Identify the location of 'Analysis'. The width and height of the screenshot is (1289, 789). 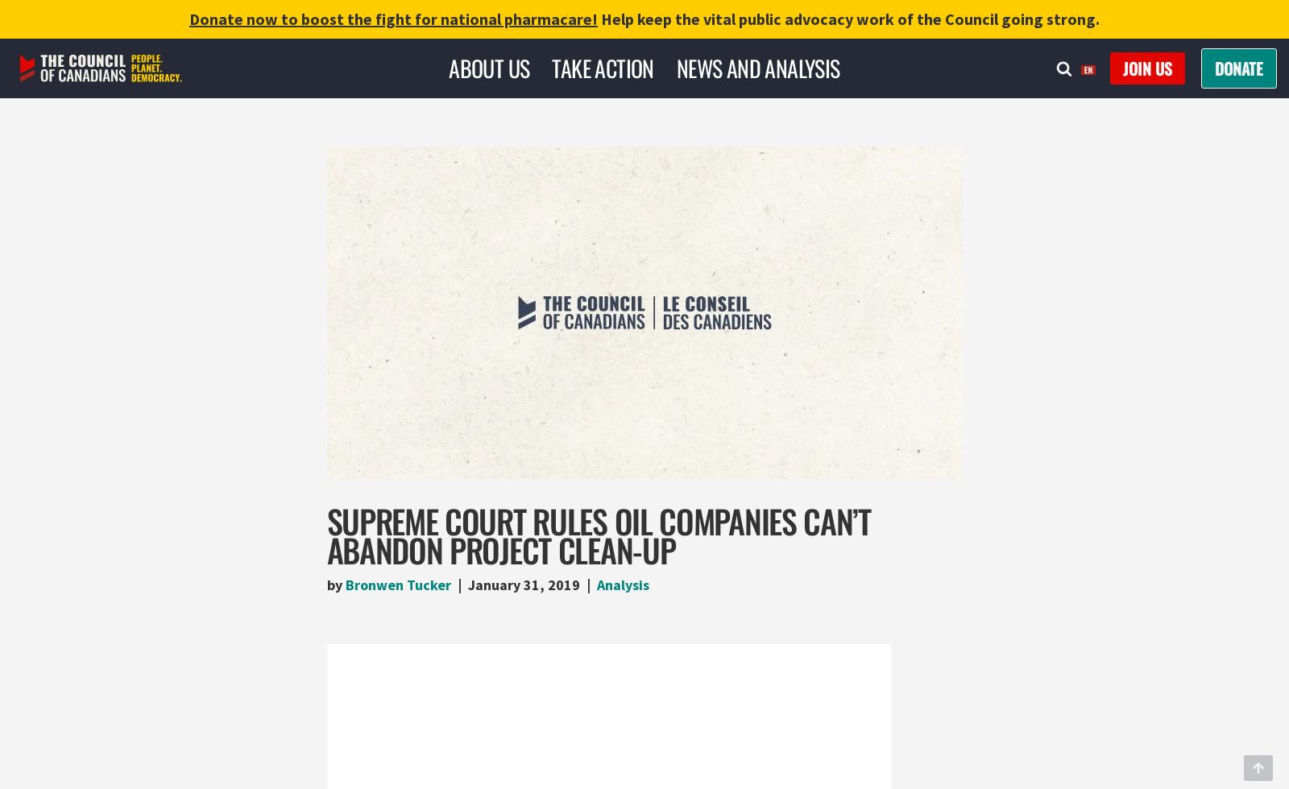
(622, 584).